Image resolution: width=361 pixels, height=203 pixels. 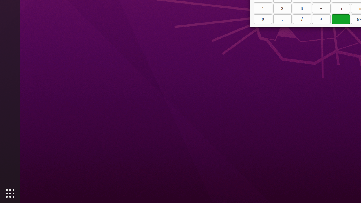 What do you see at coordinates (321, 8) in the screenshot?
I see `'−'` at bounding box center [321, 8].